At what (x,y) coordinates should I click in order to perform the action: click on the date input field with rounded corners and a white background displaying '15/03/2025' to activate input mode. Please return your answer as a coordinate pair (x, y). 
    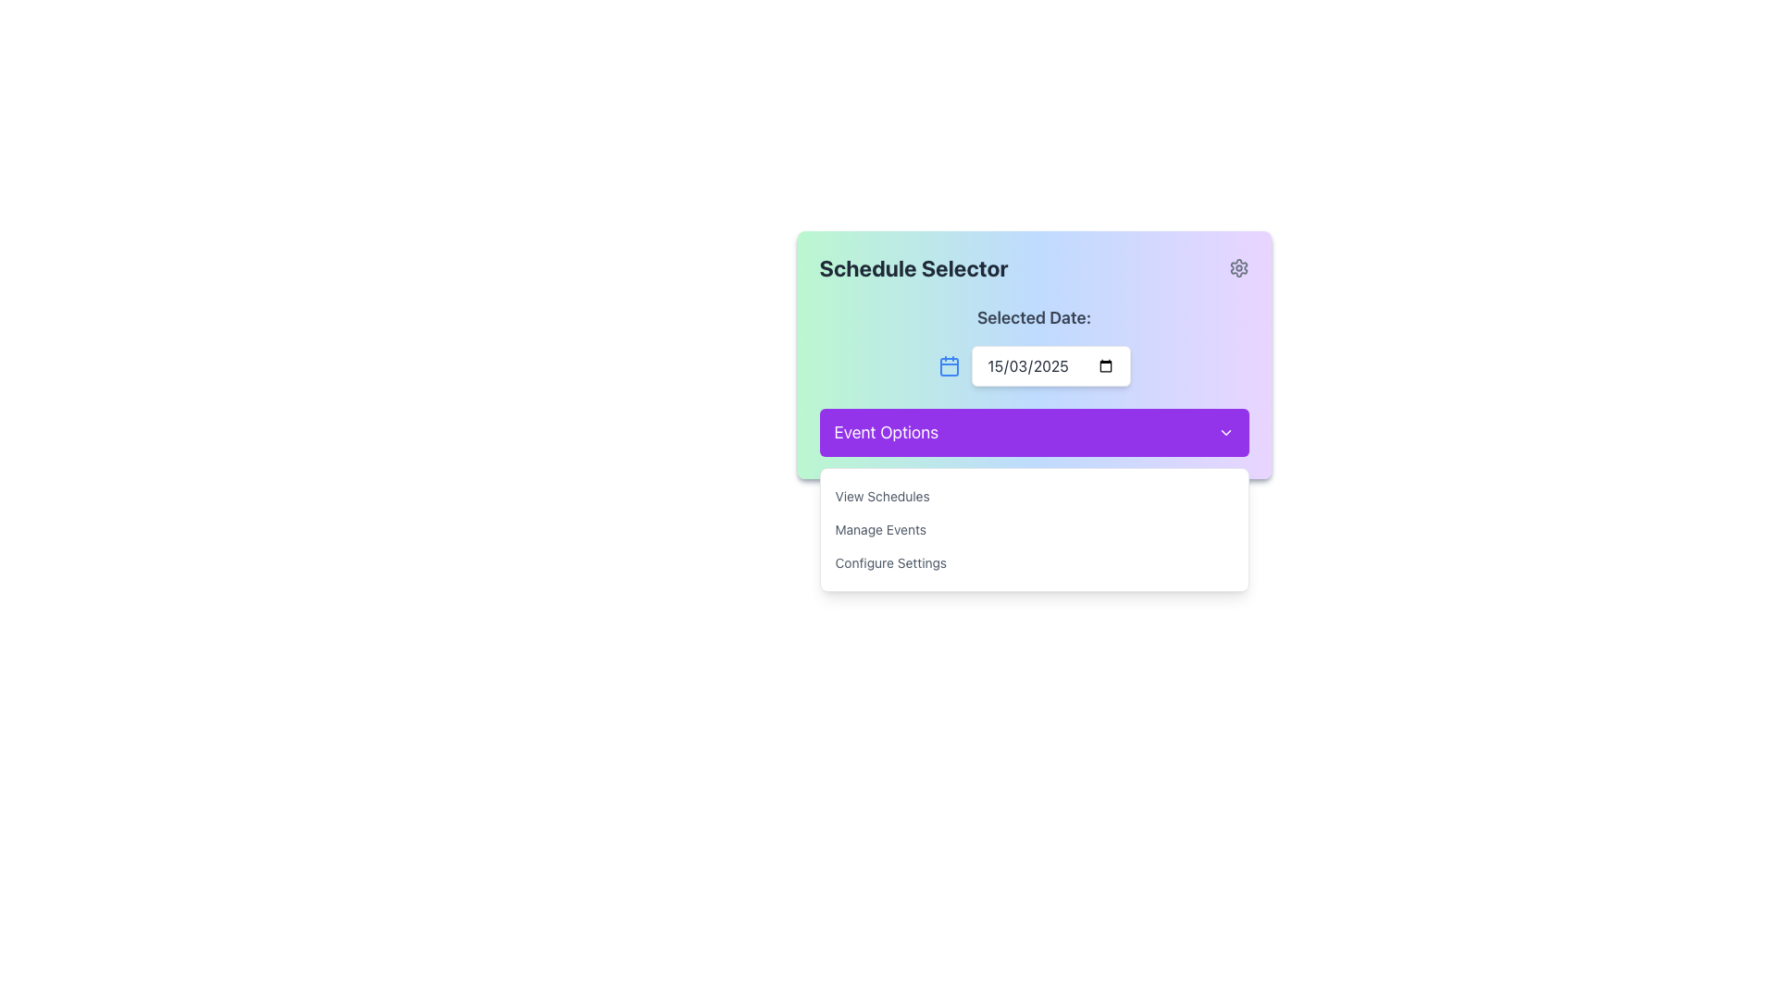
    Looking at the image, I should click on (1050, 366).